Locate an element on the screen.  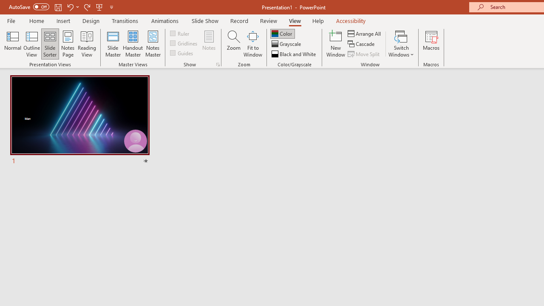
'New Window' is located at coordinates (335, 44).